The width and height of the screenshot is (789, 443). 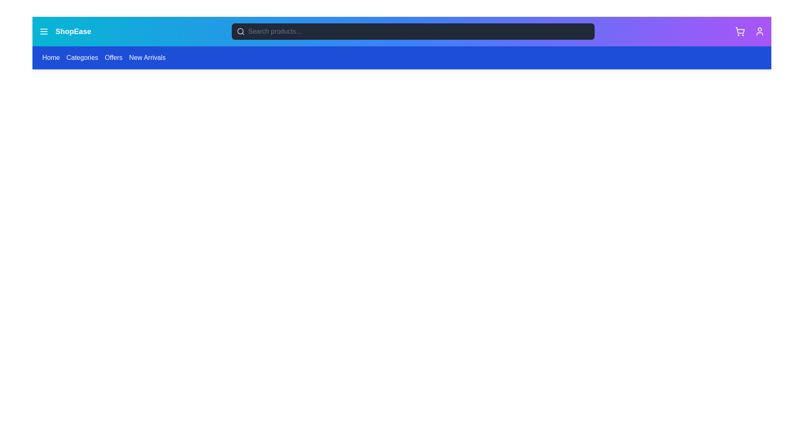 What do you see at coordinates (51, 57) in the screenshot?
I see `the Interactive text link located at the far left of the navigation bar` at bounding box center [51, 57].